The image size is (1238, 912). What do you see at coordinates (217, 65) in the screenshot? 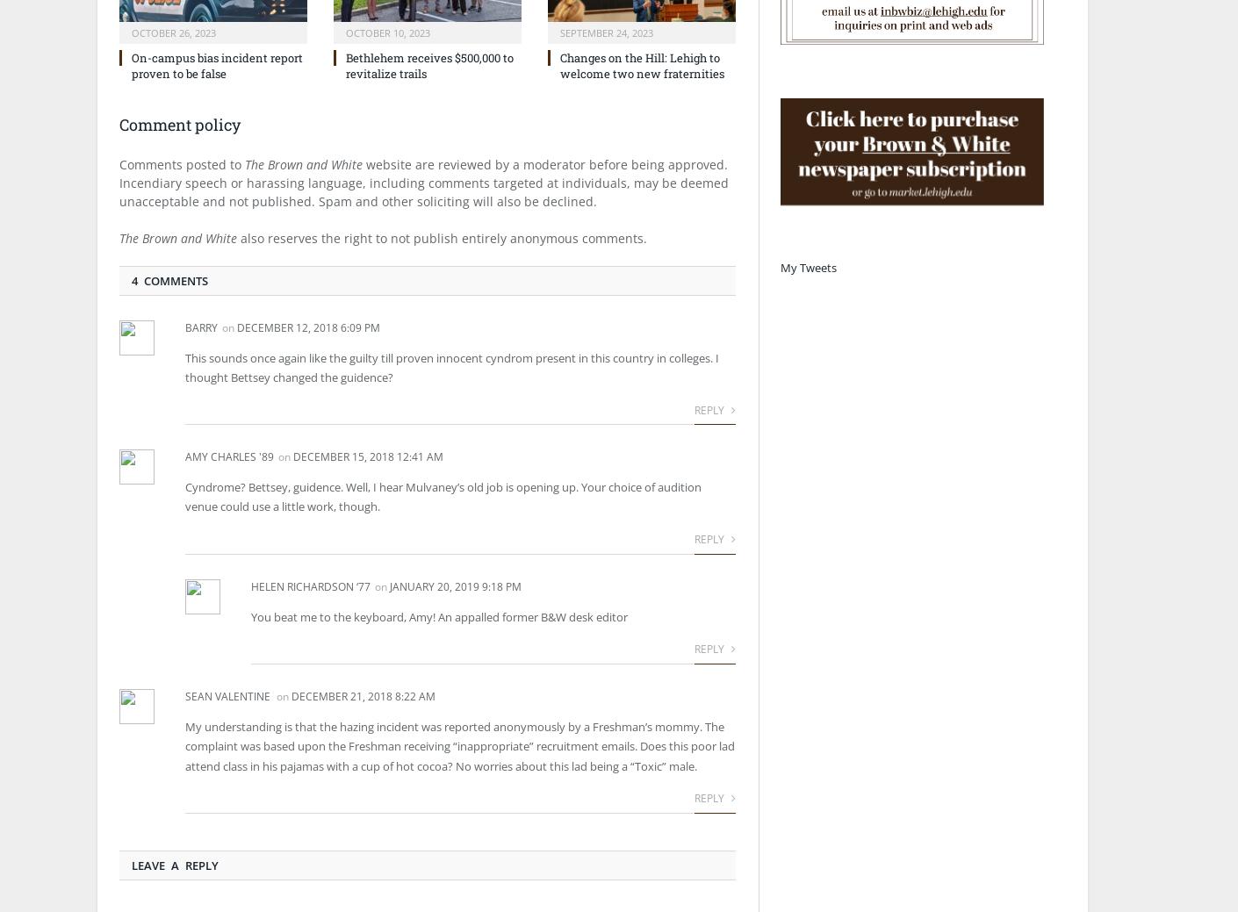
I see `'On-campus bias incident report proven to be false'` at bounding box center [217, 65].